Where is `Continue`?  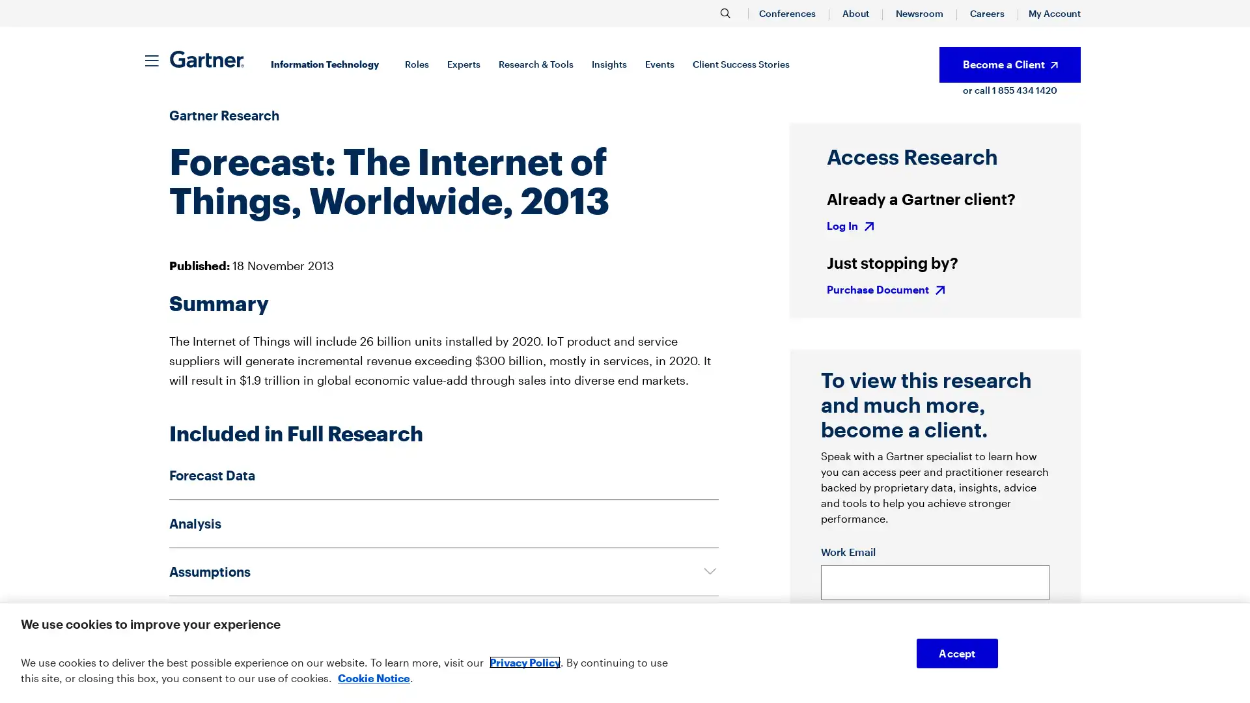 Continue is located at coordinates (1008, 634).